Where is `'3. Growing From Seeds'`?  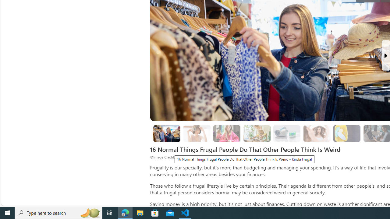
'3. Growing From Seeds' is located at coordinates (257, 133).